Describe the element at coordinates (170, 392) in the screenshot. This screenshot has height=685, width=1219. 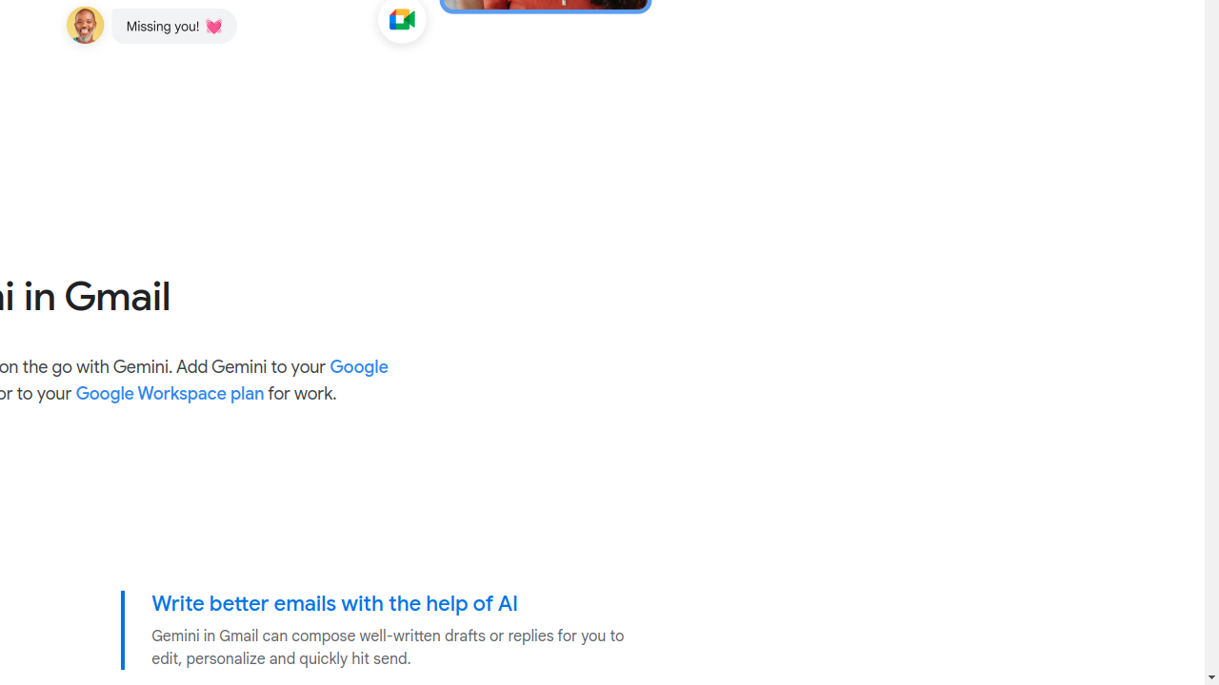
I see `'Google Workspace plan'` at that location.